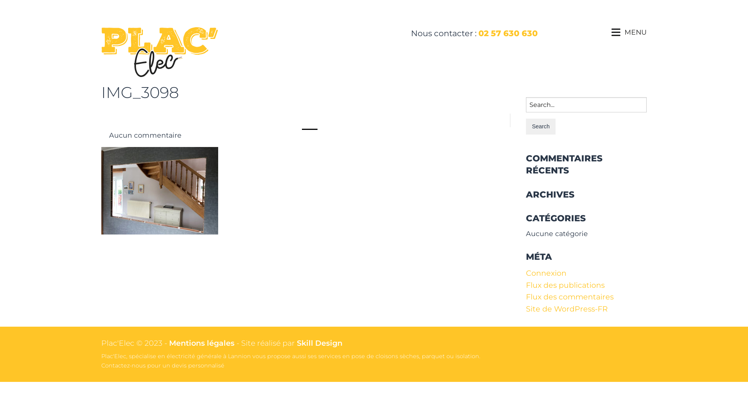 The width and height of the screenshot is (748, 420). Describe the element at coordinates (566, 308) in the screenshot. I see `'Site de WordPress-FR'` at that location.